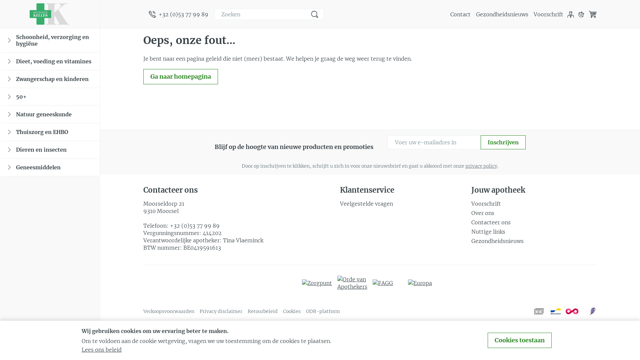  Describe the element at coordinates (314, 14) in the screenshot. I see `'Zoeken'` at that location.